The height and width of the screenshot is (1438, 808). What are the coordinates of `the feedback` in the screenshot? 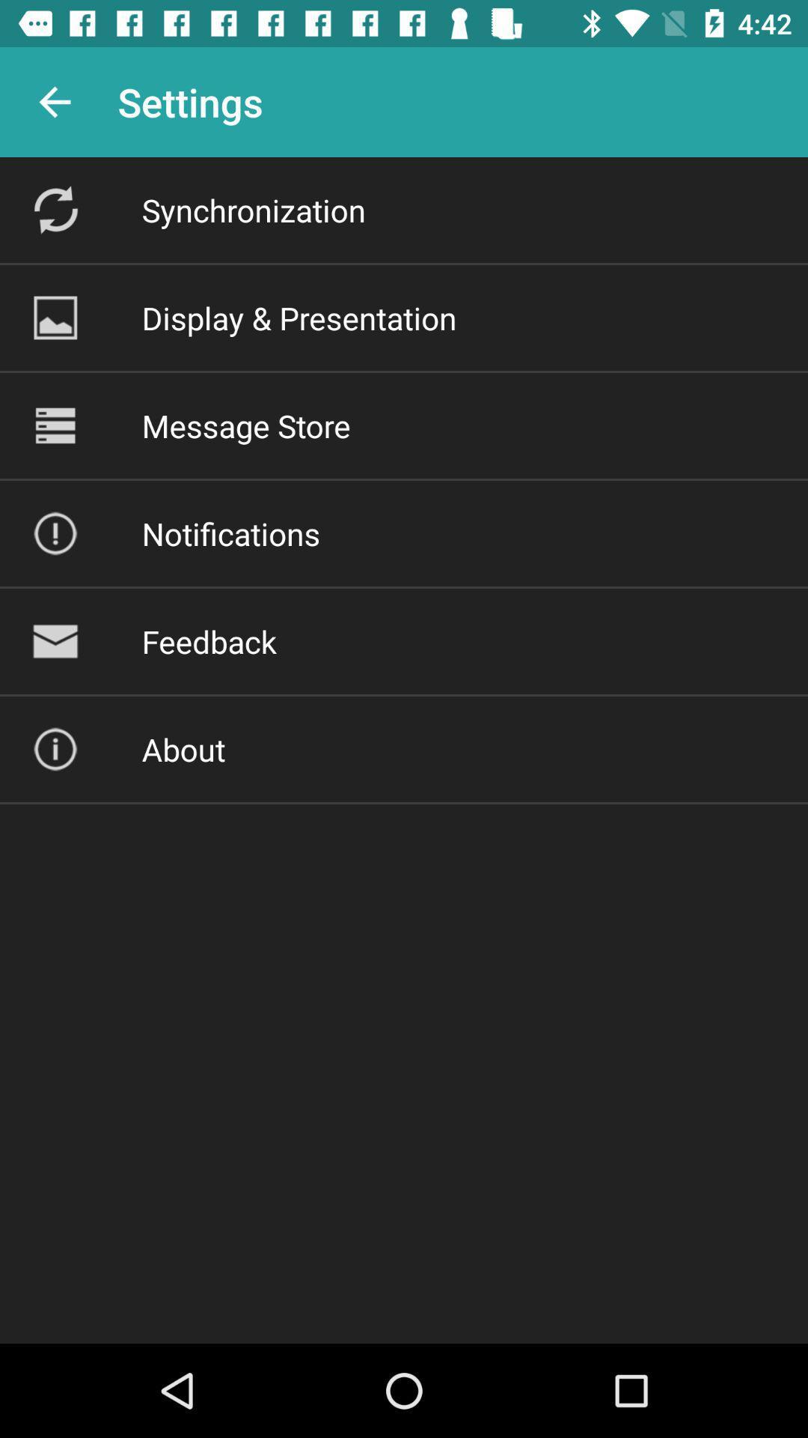 It's located at (209, 641).